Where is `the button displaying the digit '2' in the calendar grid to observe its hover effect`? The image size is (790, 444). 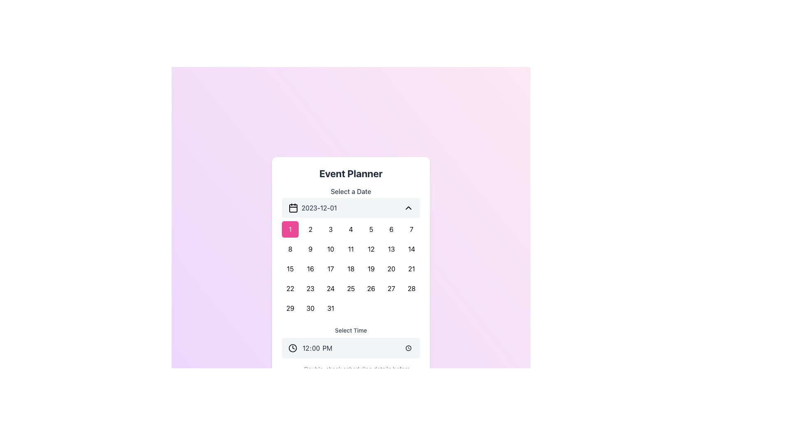 the button displaying the digit '2' in the calendar grid to observe its hover effect is located at coordinates (310, 229).